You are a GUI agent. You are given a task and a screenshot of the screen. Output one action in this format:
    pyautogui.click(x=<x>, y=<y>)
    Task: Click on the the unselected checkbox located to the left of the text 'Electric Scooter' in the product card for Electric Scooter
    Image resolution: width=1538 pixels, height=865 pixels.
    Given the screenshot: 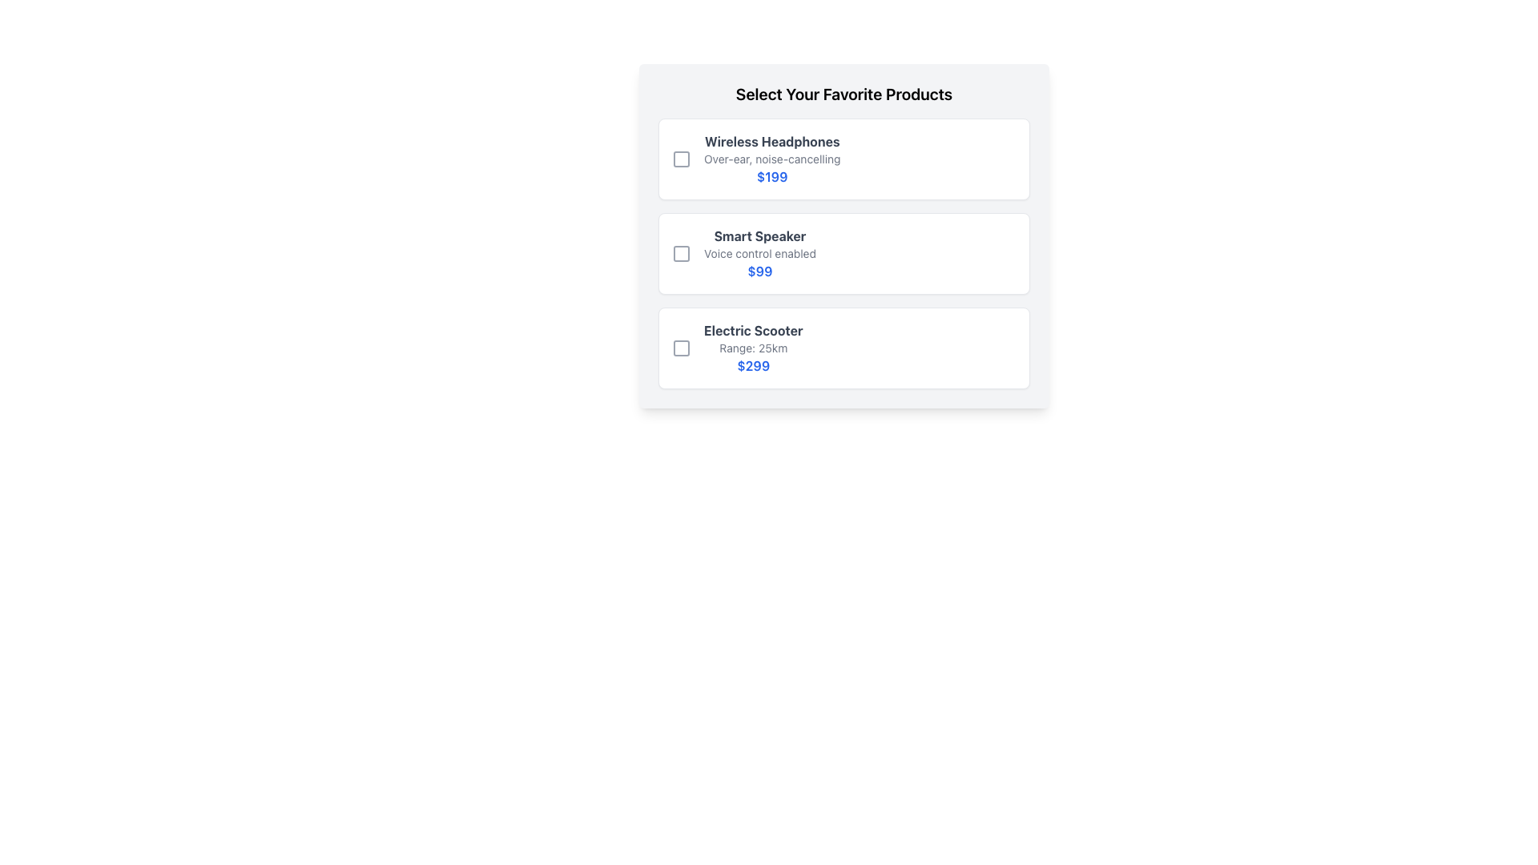 What is the action you would take?
    pyautogui.click(x=681, y=348)
    